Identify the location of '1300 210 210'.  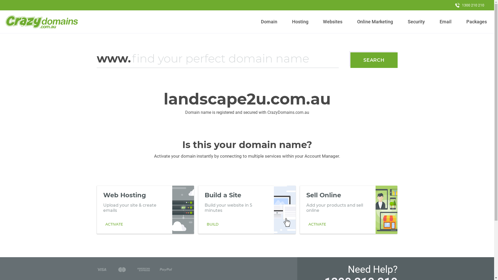
(469, 5).